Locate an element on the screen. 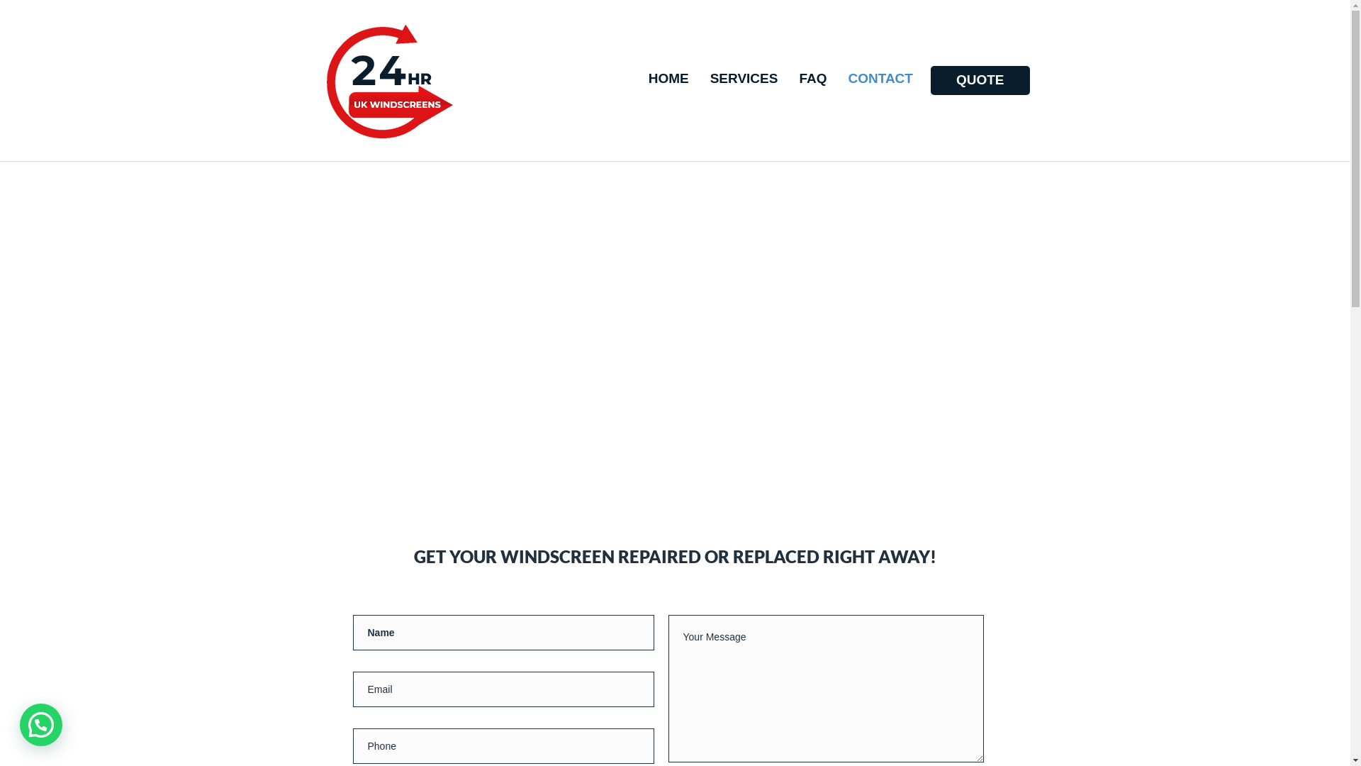 Image resolution: width=1361 pixels, height=766 pixels. 'CONTACT' is located at coordinates (879, 79).